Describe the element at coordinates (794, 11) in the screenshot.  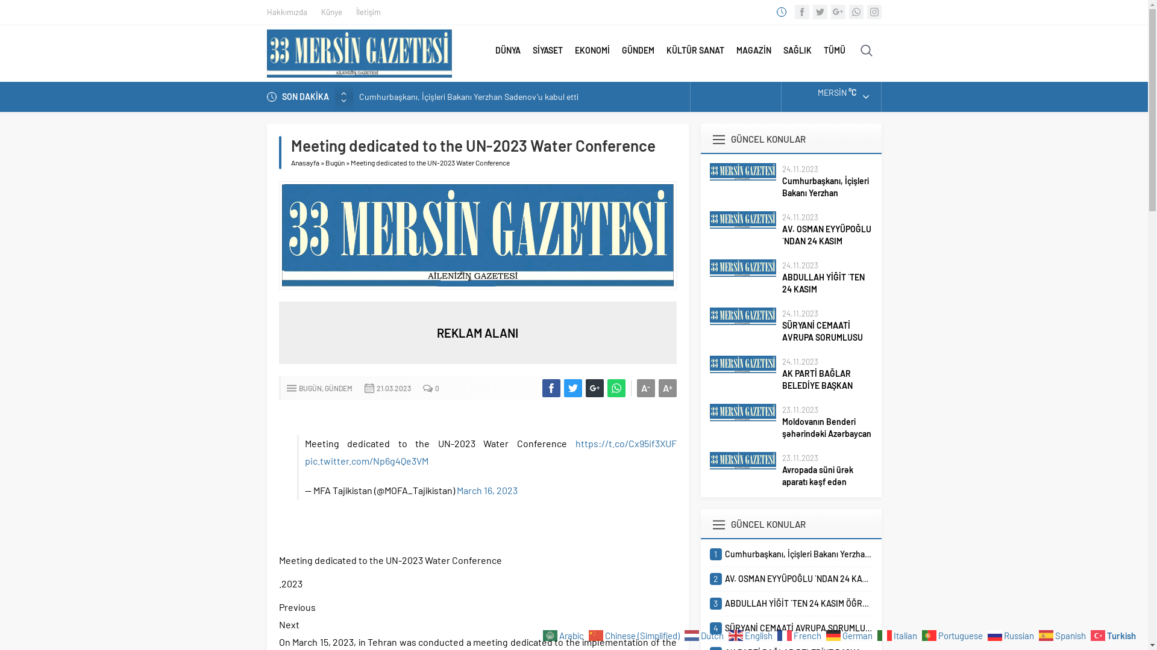
I see `'Facebook'` at that location.